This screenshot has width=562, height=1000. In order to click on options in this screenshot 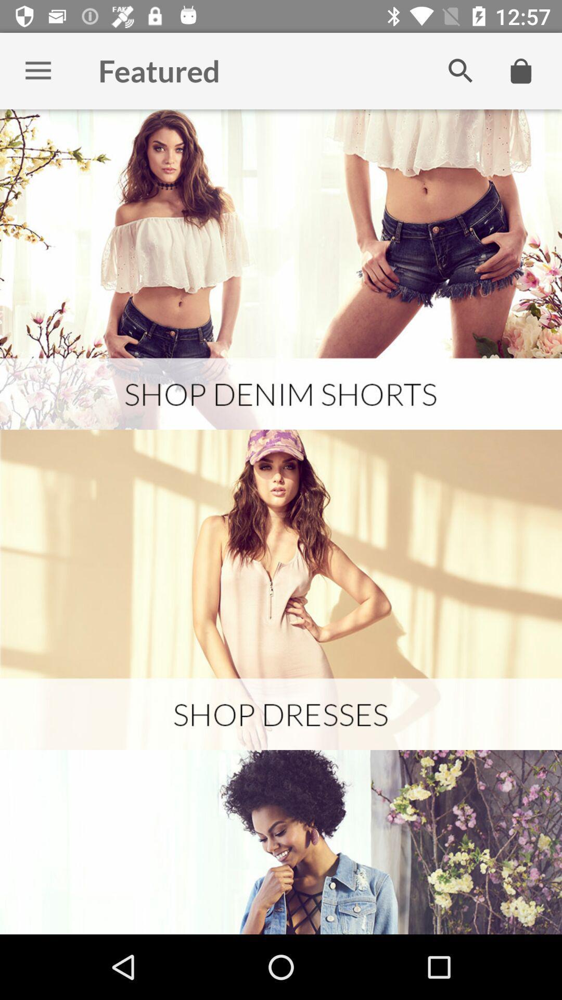, I will do `click(37, 70)`.